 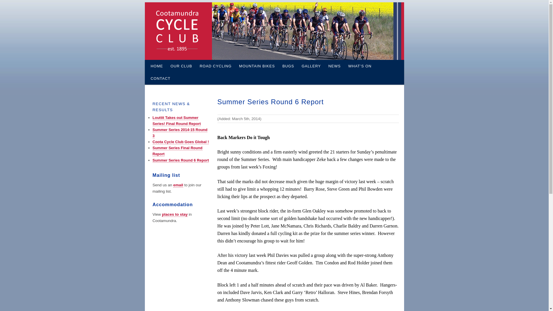 I want to click on 'NEWS', so click(x=334, y=66).